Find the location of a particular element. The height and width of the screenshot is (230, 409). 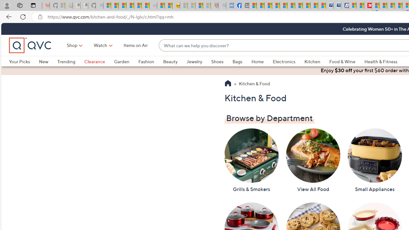

'New' is located at coordinates (43, 61).